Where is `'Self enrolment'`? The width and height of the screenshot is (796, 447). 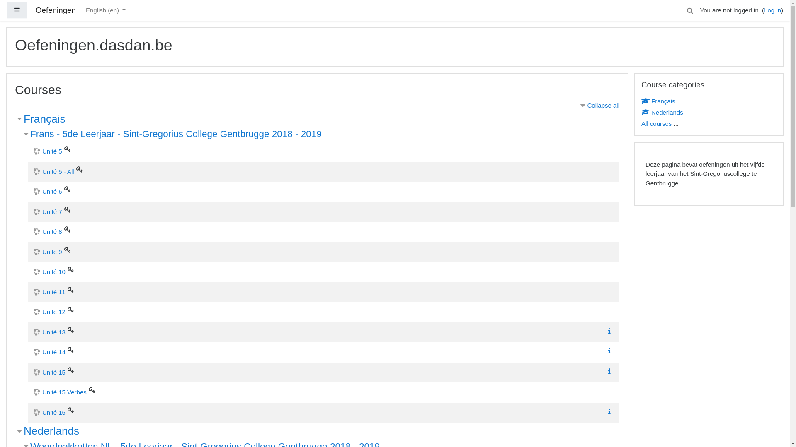
'Self enrolment' is located at coordinates (89, 389).